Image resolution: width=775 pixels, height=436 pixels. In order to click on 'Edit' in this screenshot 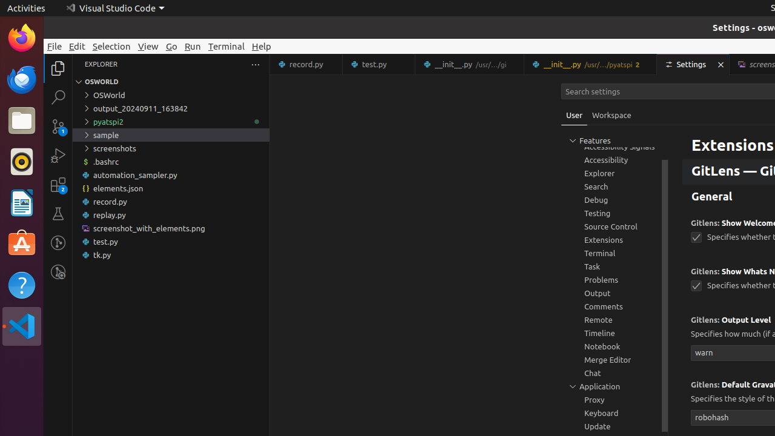, I will do `click(76, 45)`.